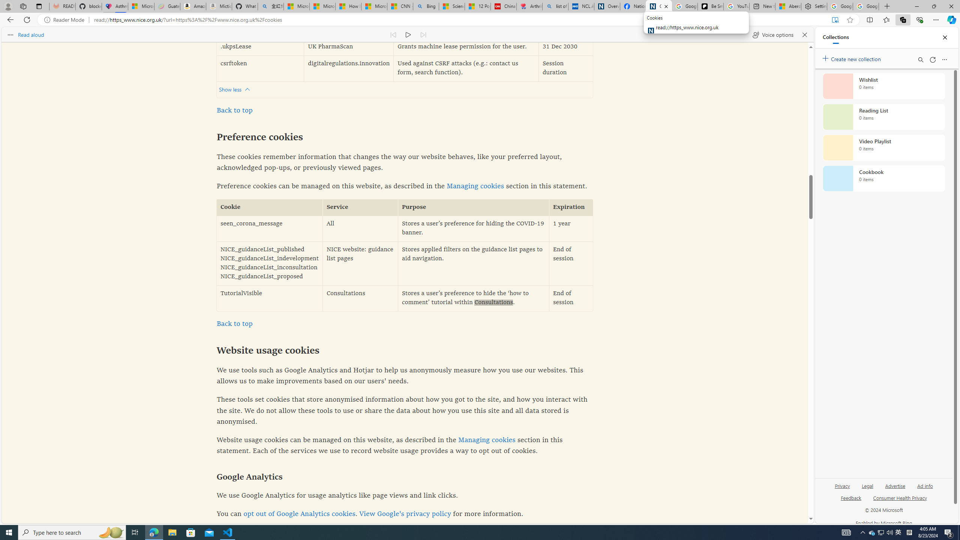 This screenshot has height=540, width=960. Describe the element at coordinates (900, 497) in the screenshot. I see `'Consumer Health Privacy'` at that location.